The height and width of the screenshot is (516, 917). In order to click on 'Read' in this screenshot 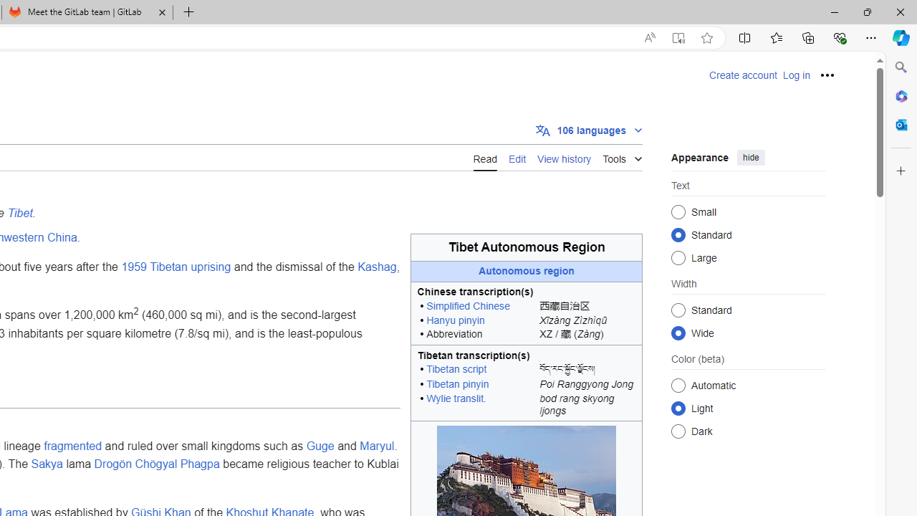, I will do `click(485, 157)`.